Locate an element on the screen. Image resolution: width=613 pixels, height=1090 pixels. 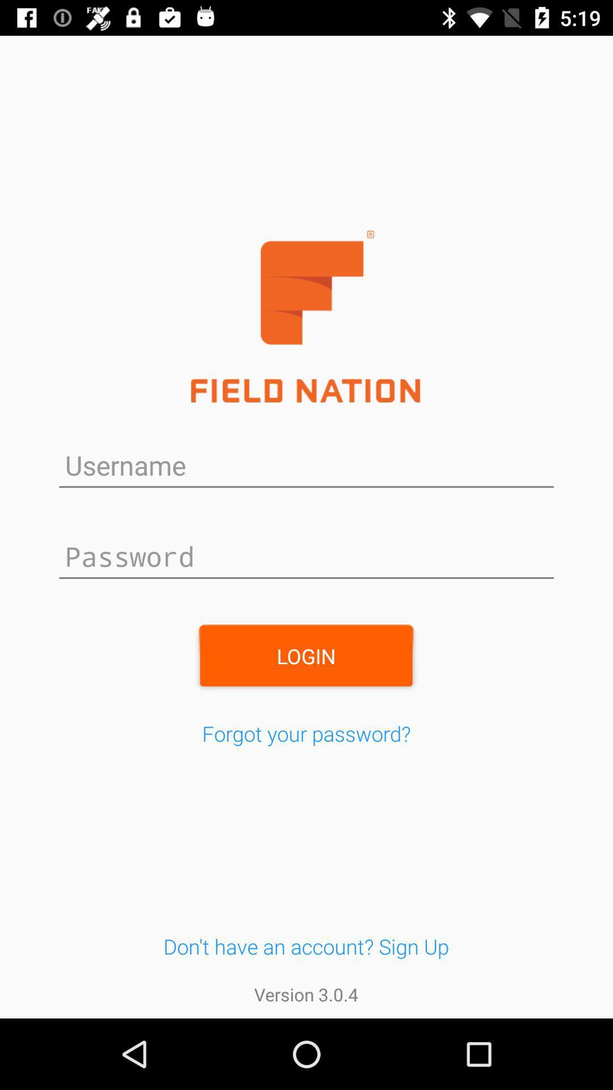
icon above the forgot your password? icon is located at coordinates (305, 656).